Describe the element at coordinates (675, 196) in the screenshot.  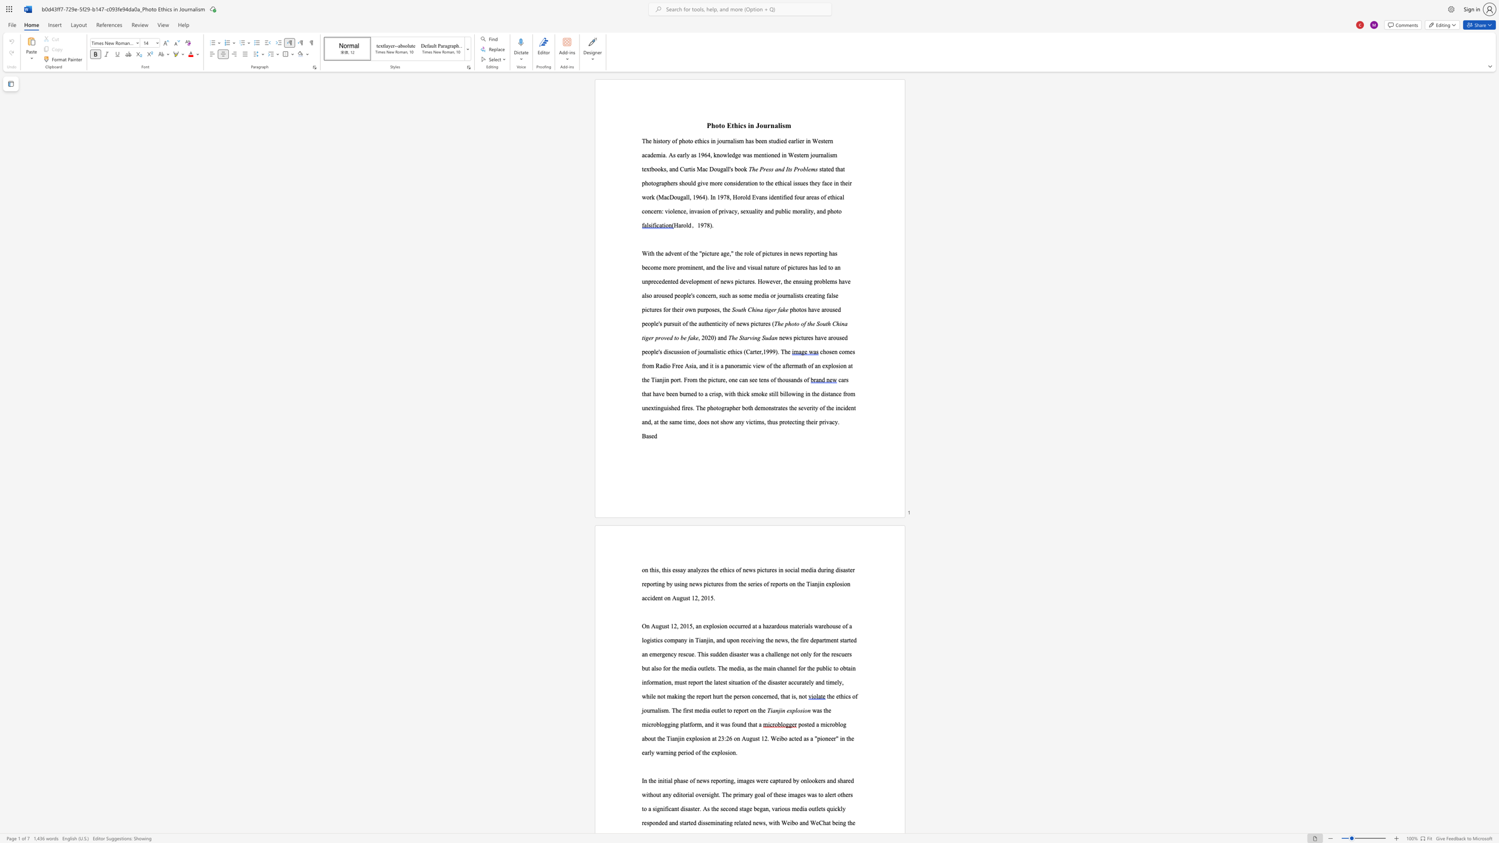
I see `the 1th character "o" in the text` at that location.